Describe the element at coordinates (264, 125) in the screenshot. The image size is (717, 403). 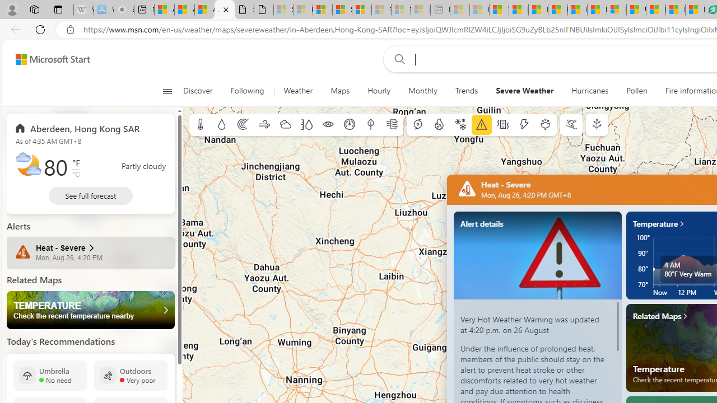
I see `'Wind'` at that location.